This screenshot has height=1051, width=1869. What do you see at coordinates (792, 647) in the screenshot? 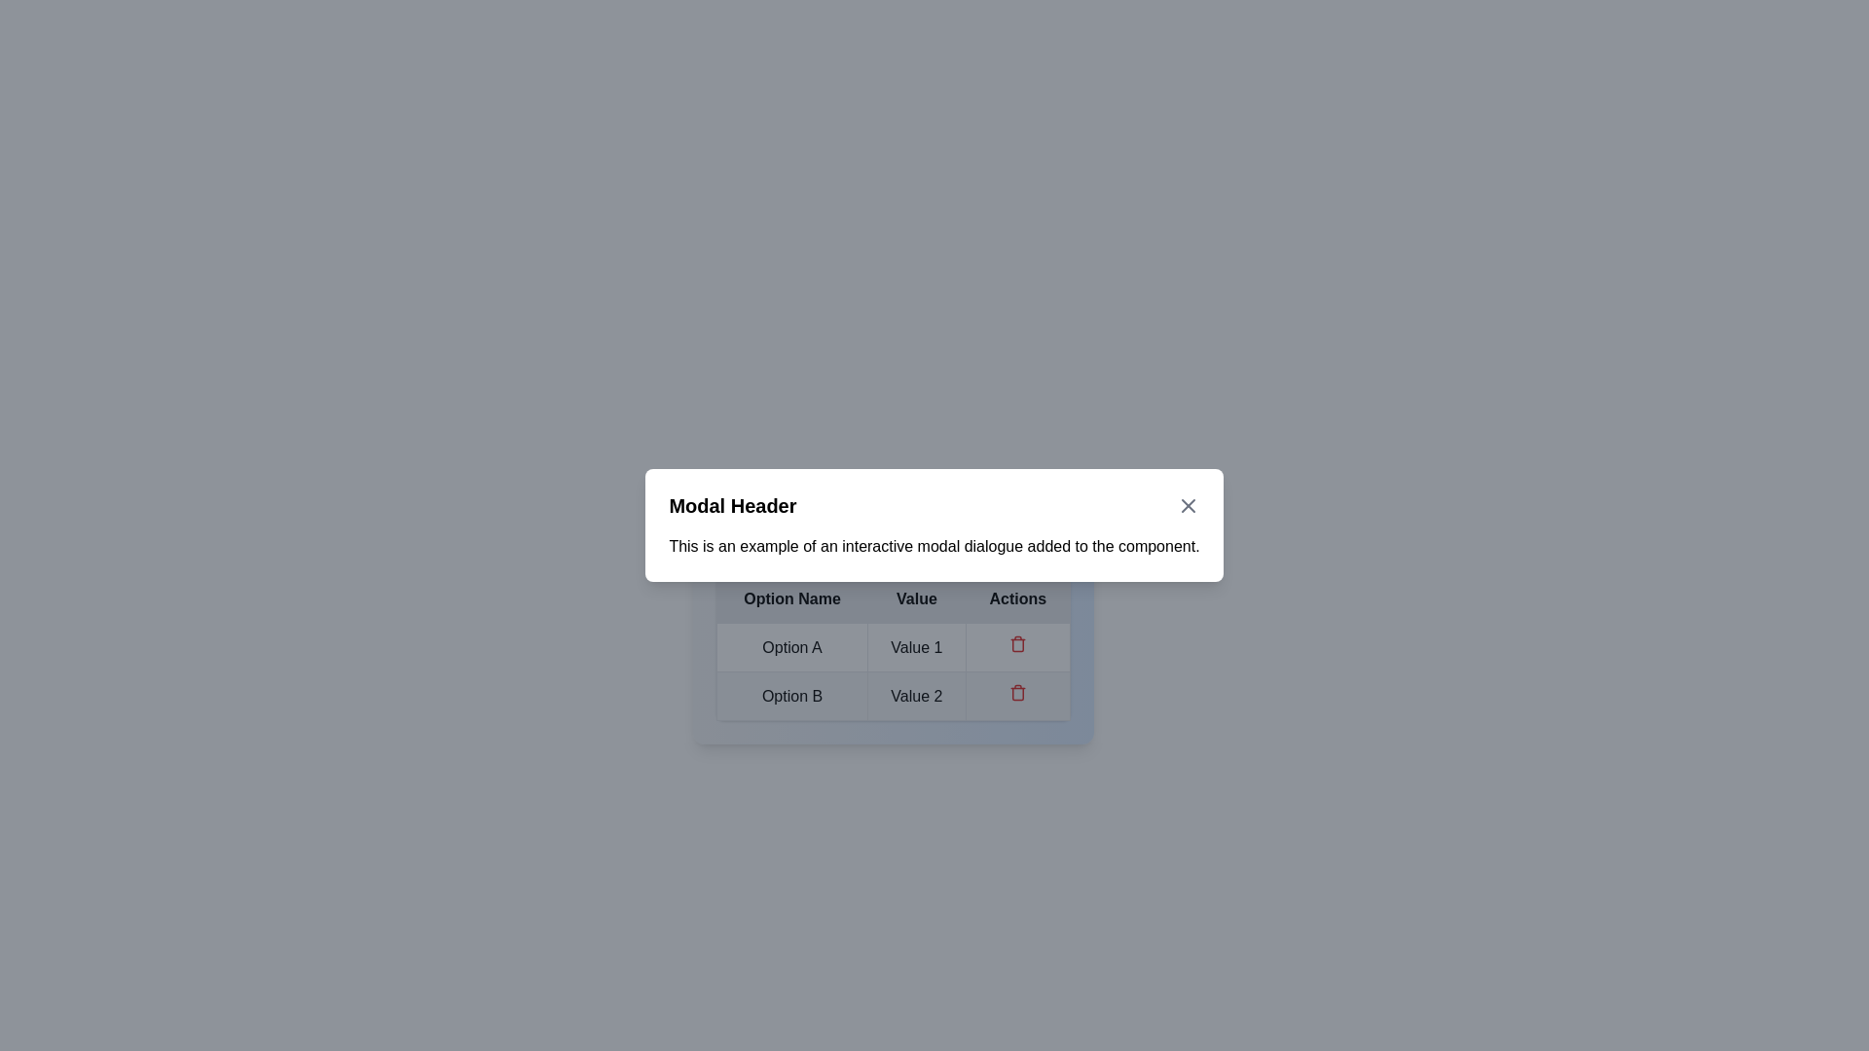
I see `the static text label containing 'Option A' for reading by moving the cursor to its center point` at bounding box center [792, 647].